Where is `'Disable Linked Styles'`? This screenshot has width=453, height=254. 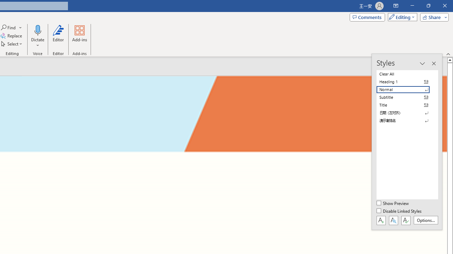
'Disable Linked Styles' is located at coordinates (400, 211).